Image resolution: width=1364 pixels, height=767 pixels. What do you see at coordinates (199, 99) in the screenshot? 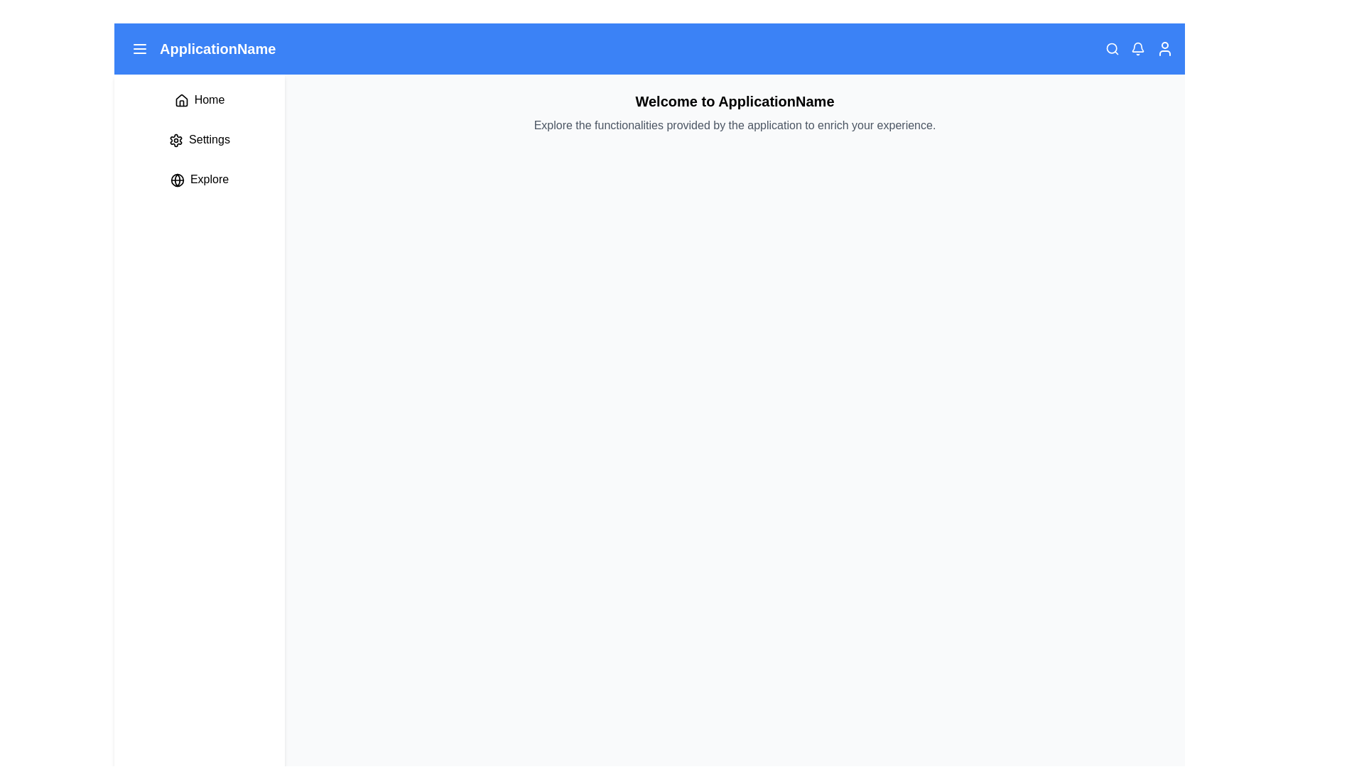
I see `the 'Home' menu item in the vertical navigation bar, which features a house-shaped icon and is styled with a hover effect` at bounding box center [199, 99].